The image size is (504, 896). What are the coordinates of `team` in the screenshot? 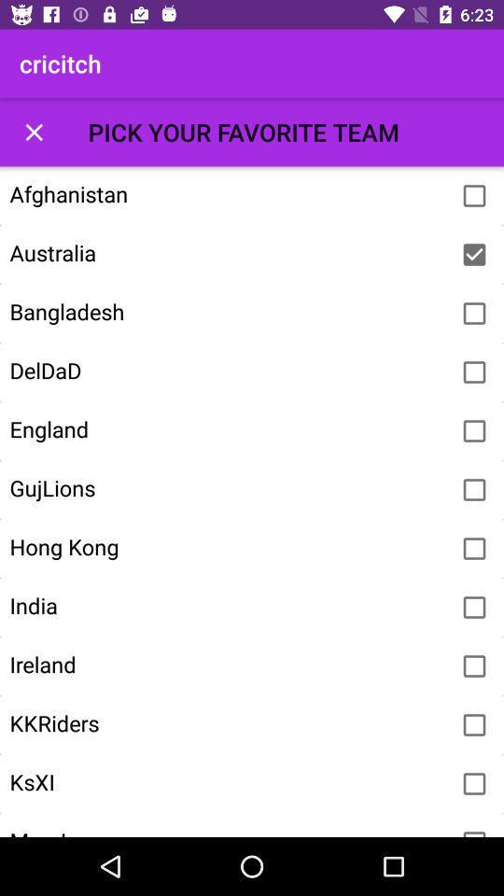 It's located at (474, 724).